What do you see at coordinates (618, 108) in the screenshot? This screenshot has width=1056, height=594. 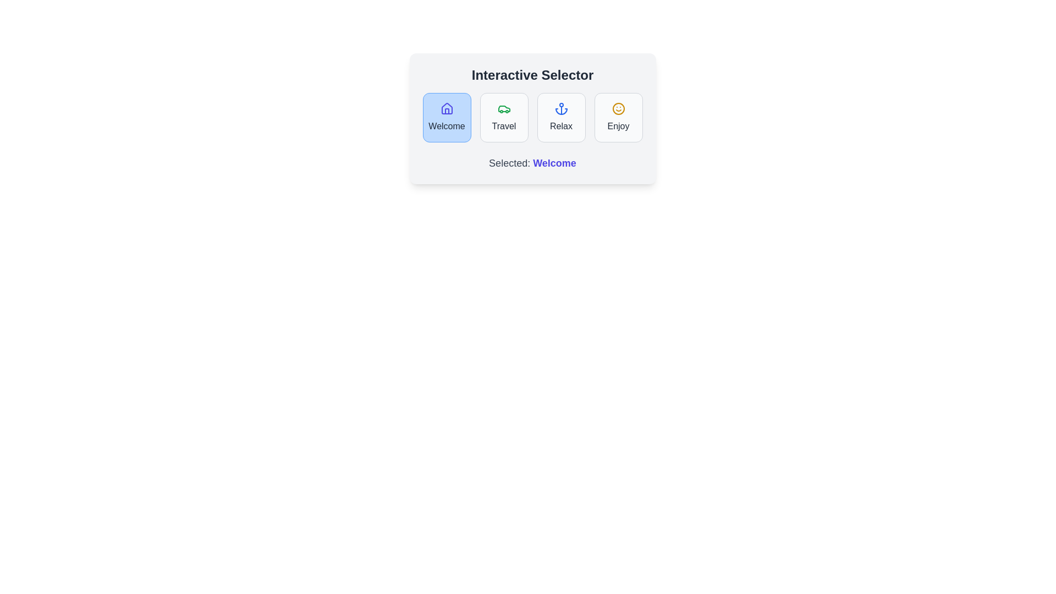 I see `the icon representing the 'Enjoy' category in the fourth selectable box under the 'Interactive Selector' label` at bounding box center [618, 108].